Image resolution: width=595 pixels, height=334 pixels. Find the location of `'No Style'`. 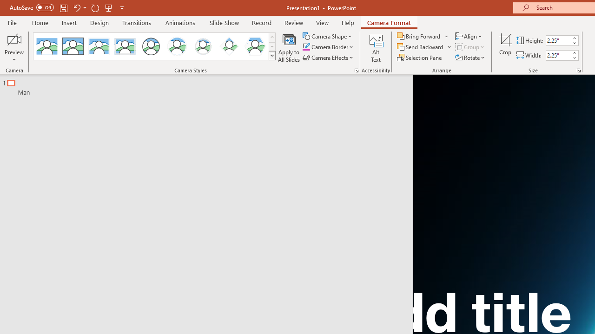

'No Style' is located at coordinates (46, 46).